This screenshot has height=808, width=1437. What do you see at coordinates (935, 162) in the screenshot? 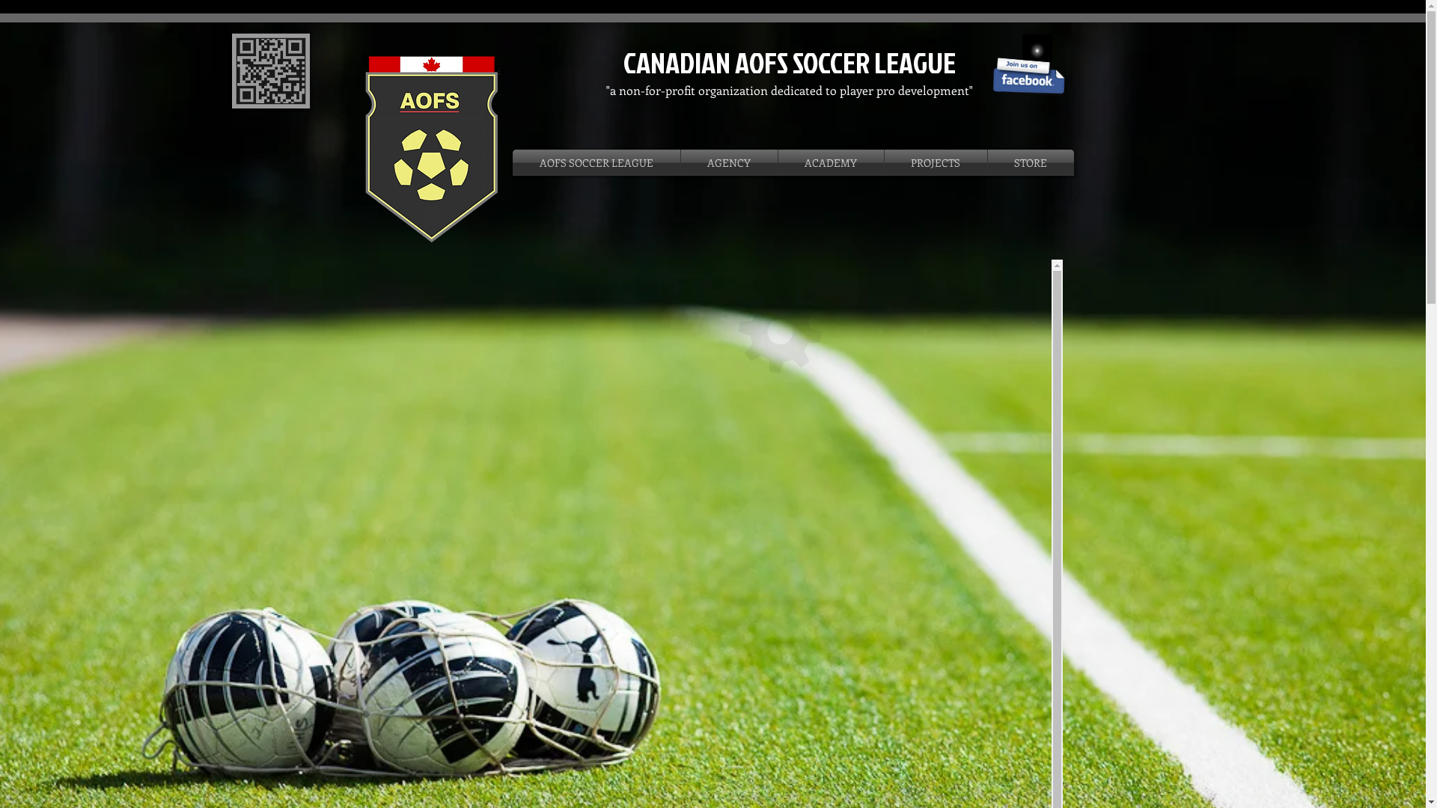
I see `'PROJECTS'` at bounding box center [935, 162].